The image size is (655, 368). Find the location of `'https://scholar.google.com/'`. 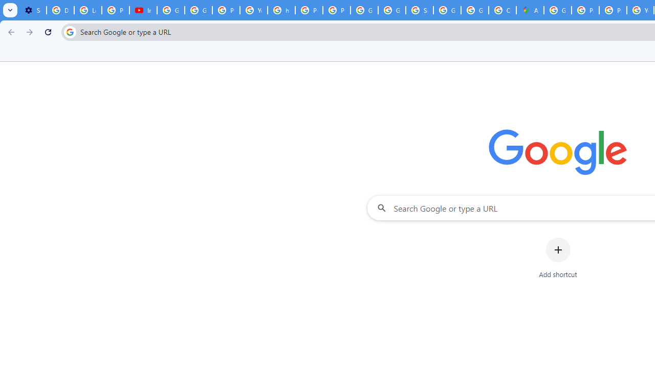

'https://scholar.google.com/' is located at coordinates (281, 10).